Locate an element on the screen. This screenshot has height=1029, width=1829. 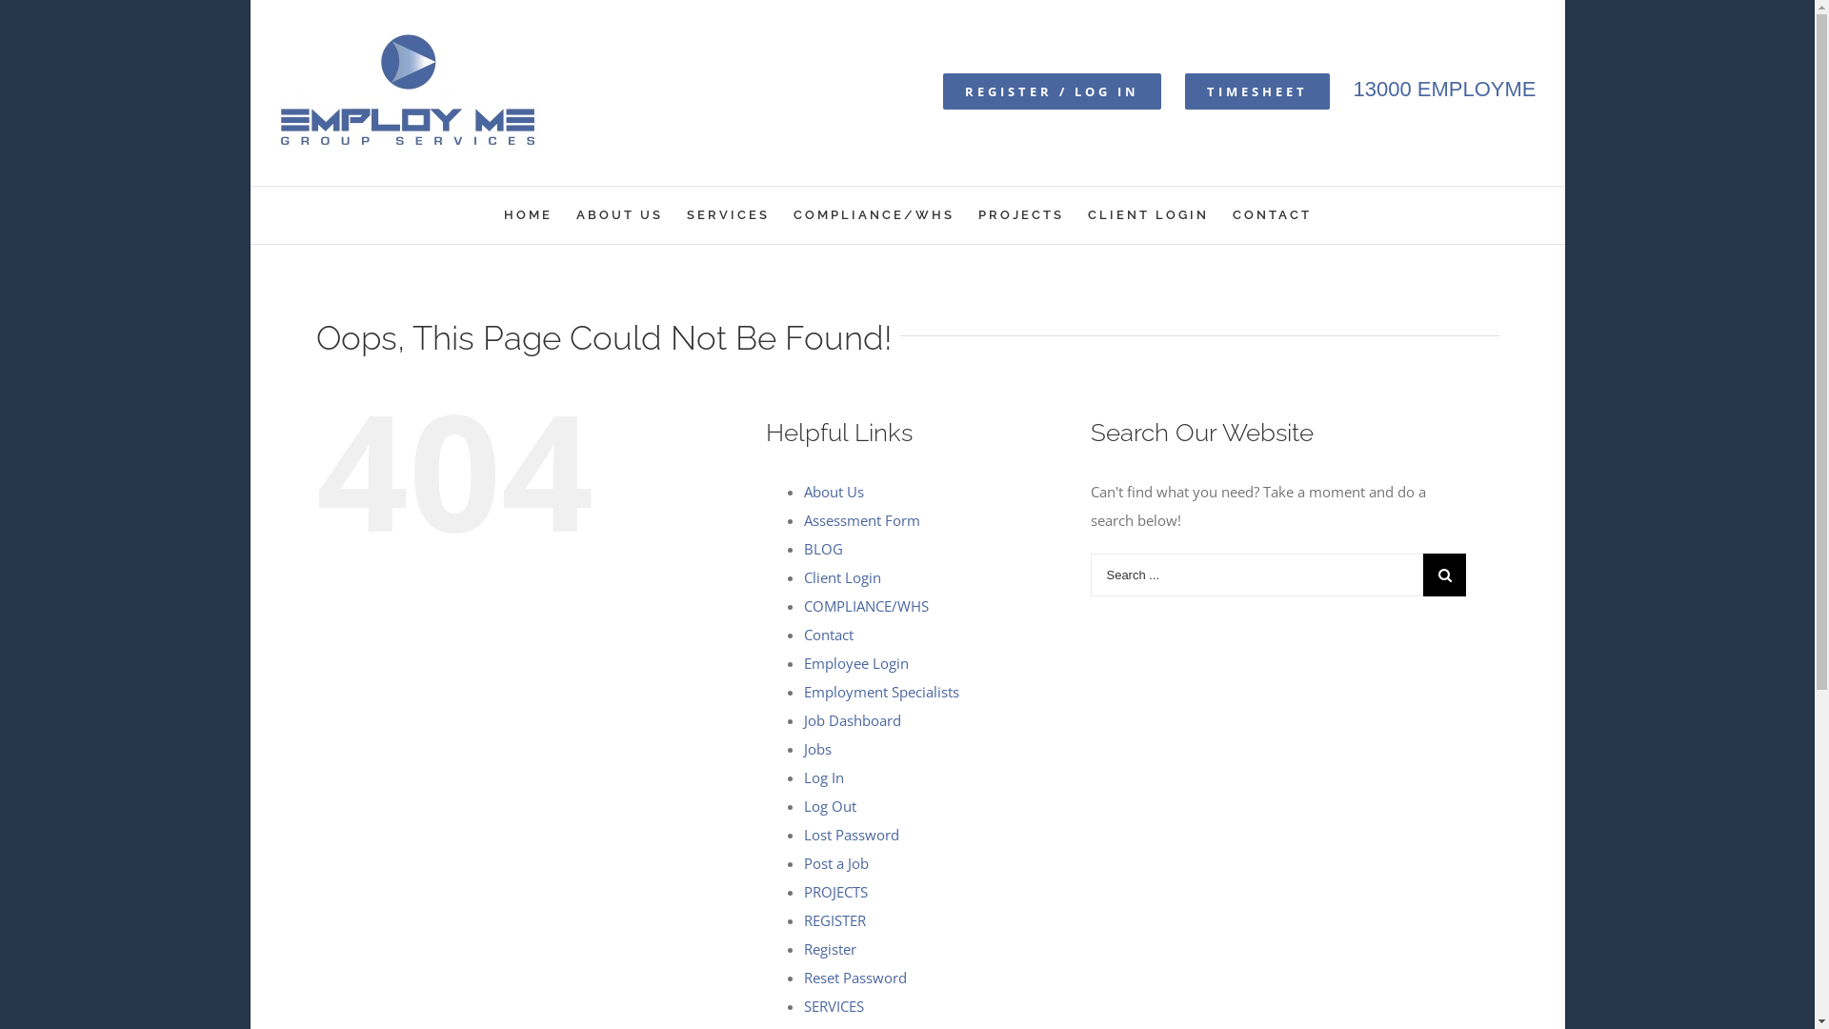
'Post a Job' is located at coordinates (836, 863).